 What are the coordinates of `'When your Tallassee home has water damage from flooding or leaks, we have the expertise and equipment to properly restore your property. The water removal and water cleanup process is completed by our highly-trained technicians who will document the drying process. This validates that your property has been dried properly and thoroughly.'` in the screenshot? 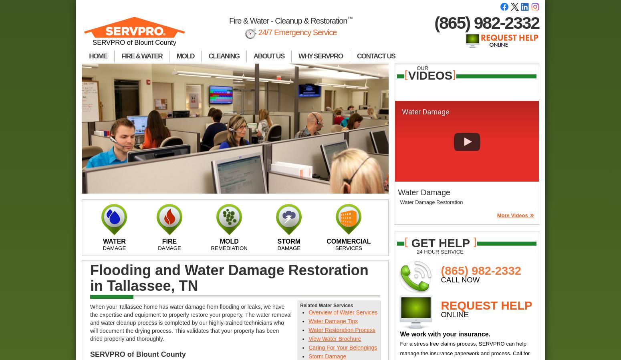 It's located at (190, 323).